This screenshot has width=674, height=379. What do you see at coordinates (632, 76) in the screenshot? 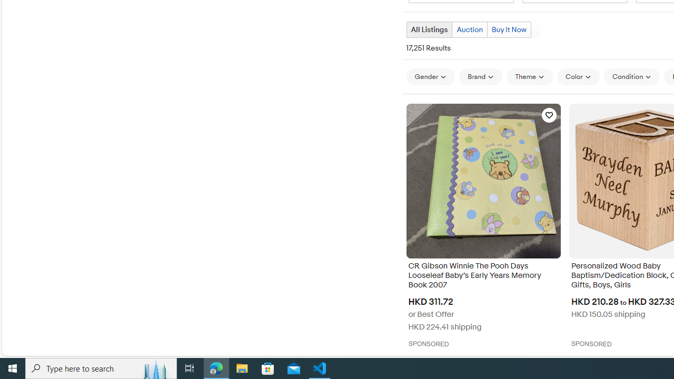
I see `'Condition'` at bounding box center [632, 76].